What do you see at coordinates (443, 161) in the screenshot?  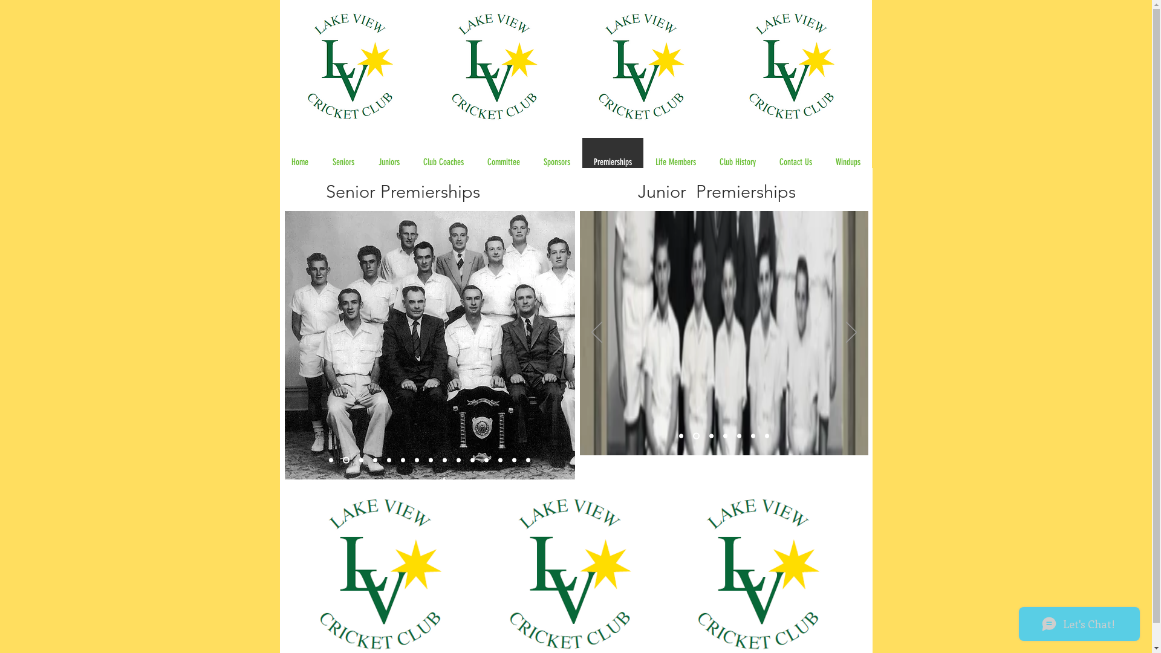 I see `'Club Coaches'` at bounding box center [443, 161].